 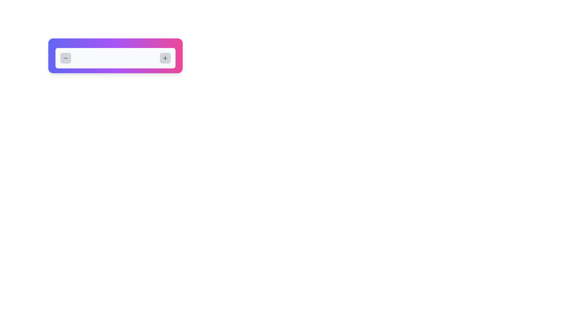 What do you see at coordinates (165, 58) in the screenshot?
I see `the 'plus' icon styled with a stroke color located within the rightmost rounded button with a light gray background` at bounding box center [165, 58].